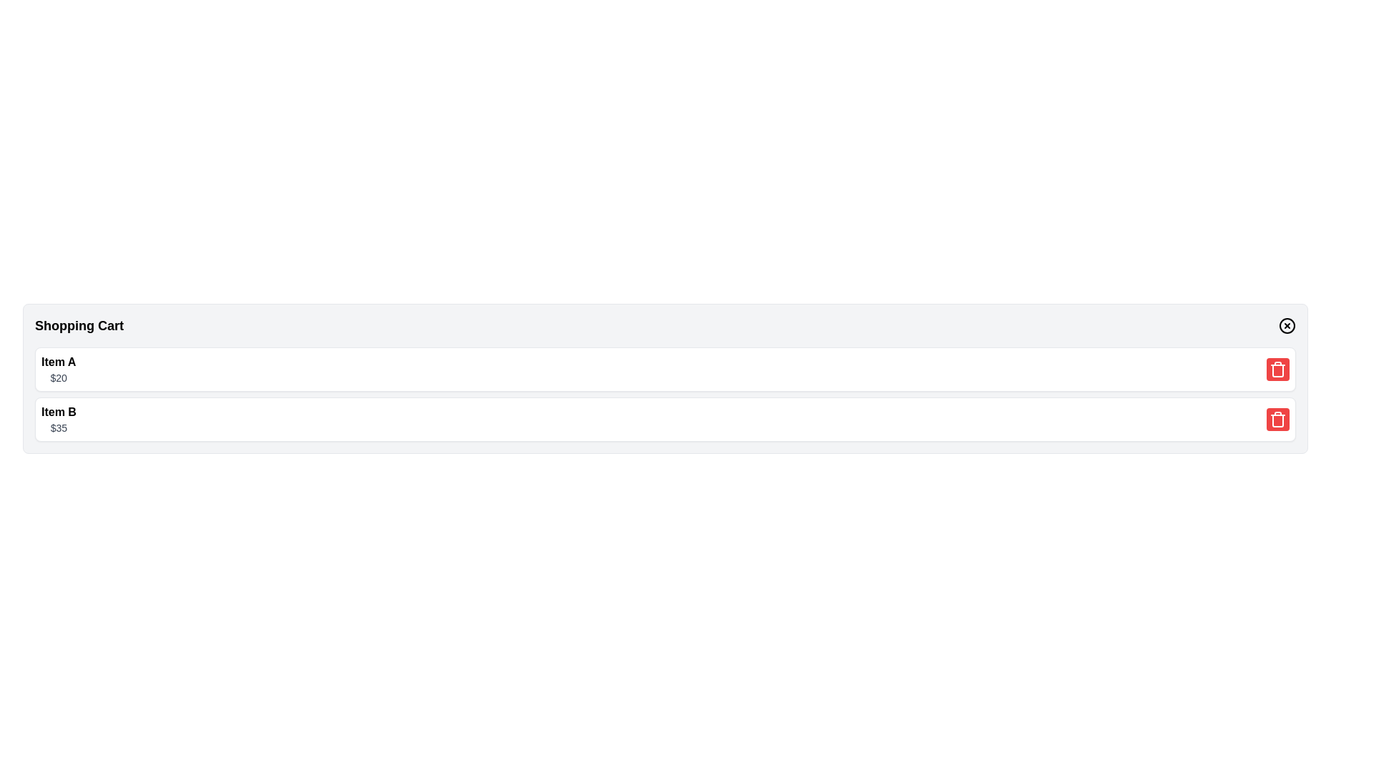 The image size is (1374, 772). What do you see at coordinates (58, 412) in the screenshot?
I see `the text label 'Item B', which is styled in bold and displayed in black color against a white background within the shopping cart interface` at bounding box center [58, 412].